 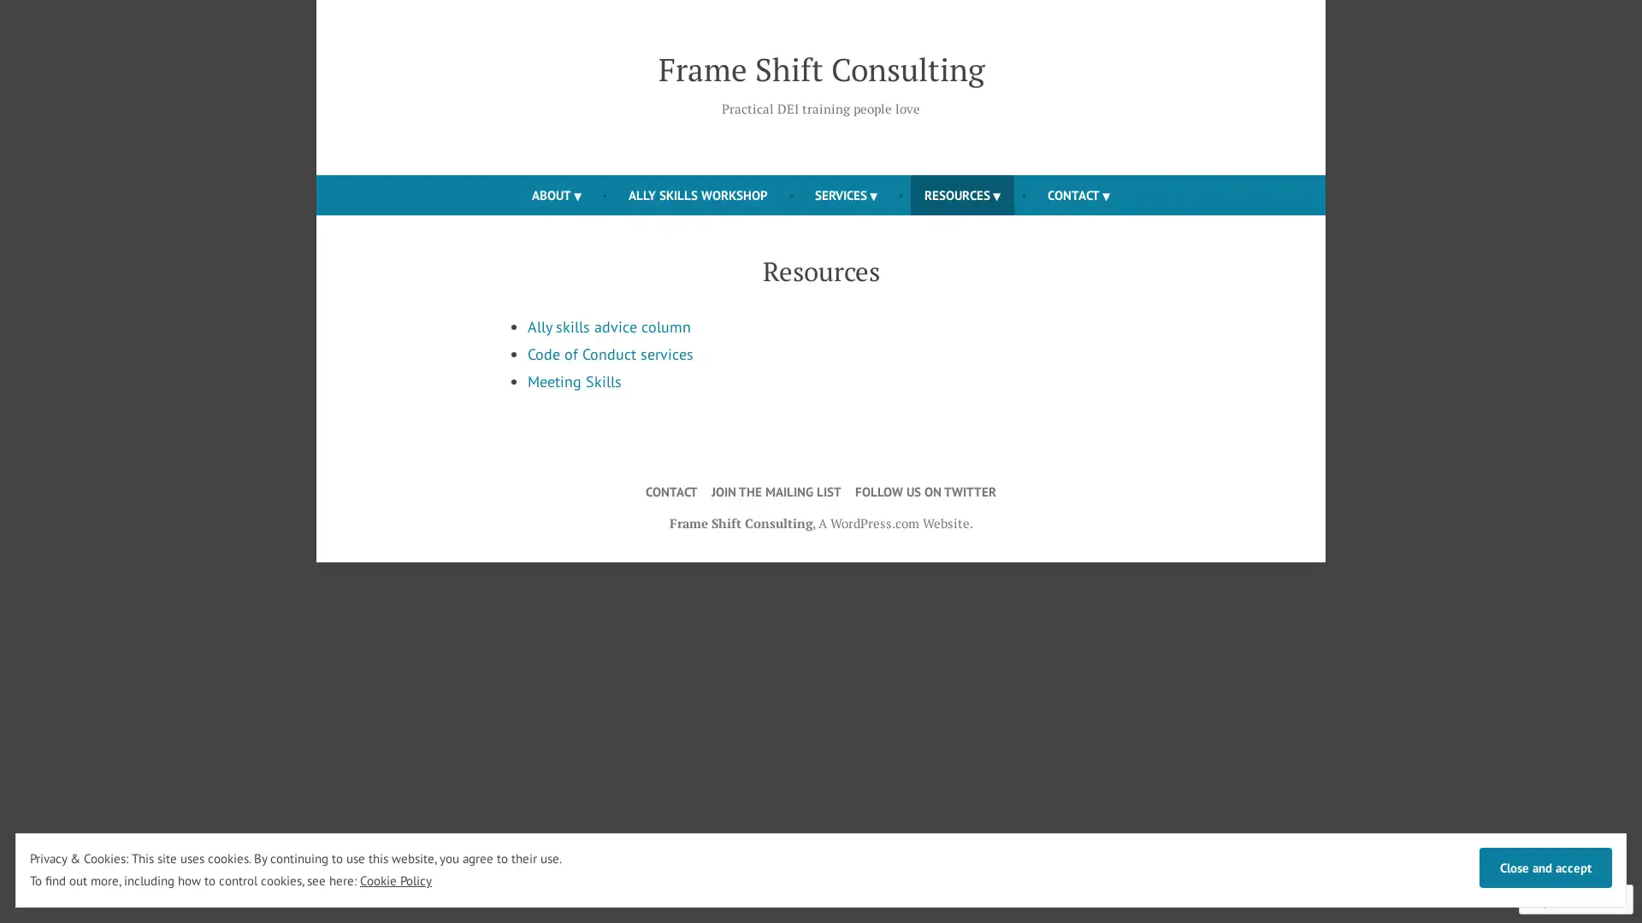 I want to click on Close and accept, so click(x=1545, y=867).